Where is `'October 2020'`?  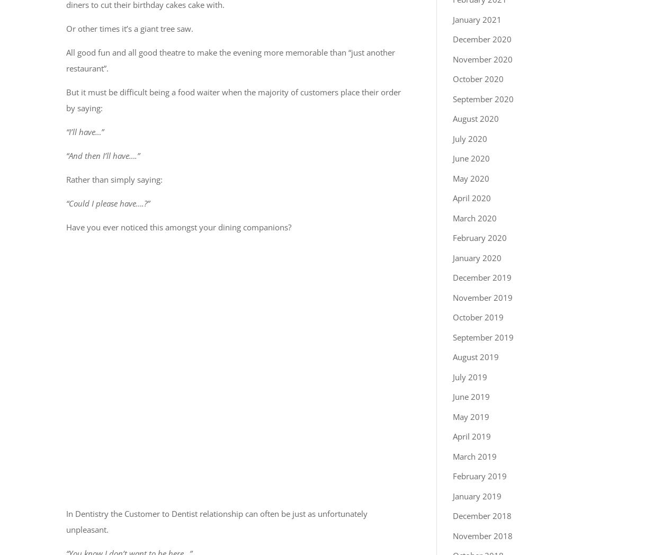 'October 2020' is located at coordinates (452, 79).